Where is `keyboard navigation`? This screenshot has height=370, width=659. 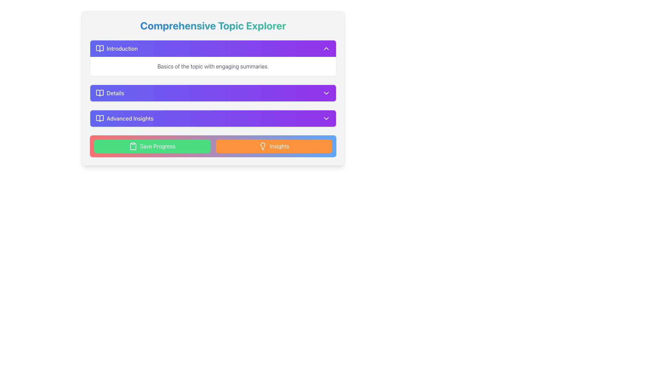
keyboard navigation is located at coordinates (326, 48).